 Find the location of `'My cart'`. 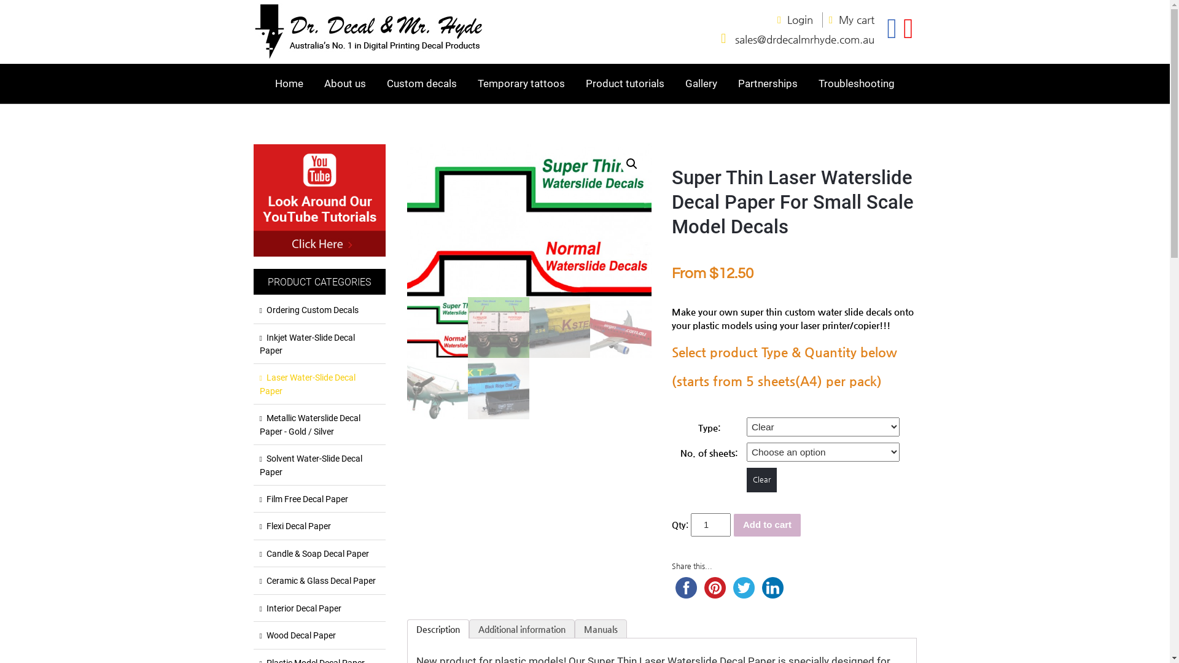

'My cart' is located at coordinates (856, 19).